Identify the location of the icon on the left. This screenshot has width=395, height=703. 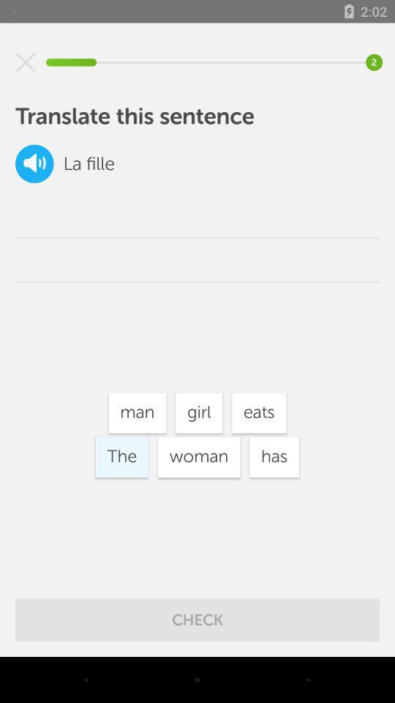
(121, 456).